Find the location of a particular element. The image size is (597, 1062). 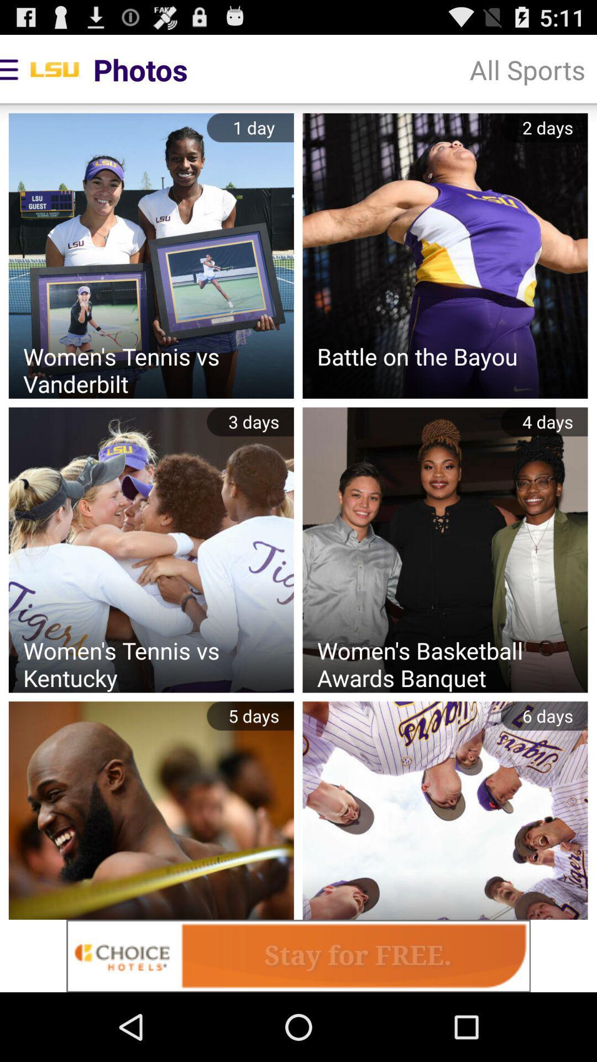

link to choice hotels website is located at coordinates (298, 955).